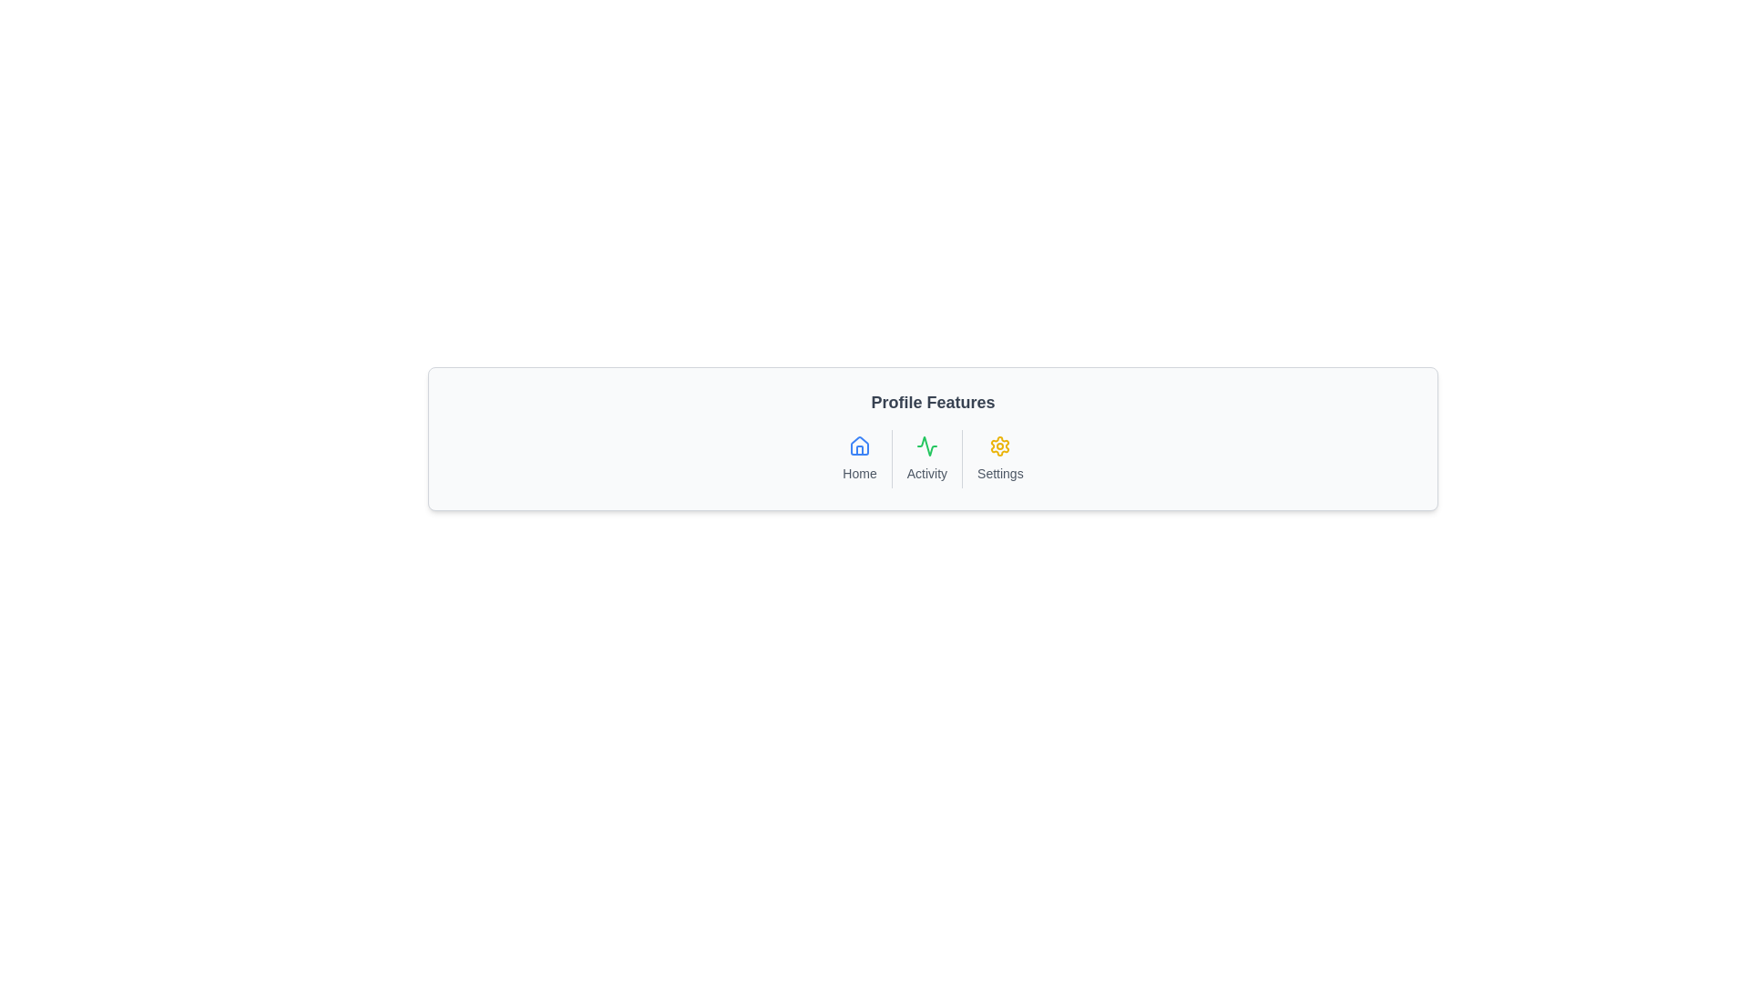  What do you see at coordinates (859, 458) in the screenshot?
I see `the navigation button labeled 'Home', which features a house icon in a blue outline and small gray text underneath` at bounding box center [859, 458].